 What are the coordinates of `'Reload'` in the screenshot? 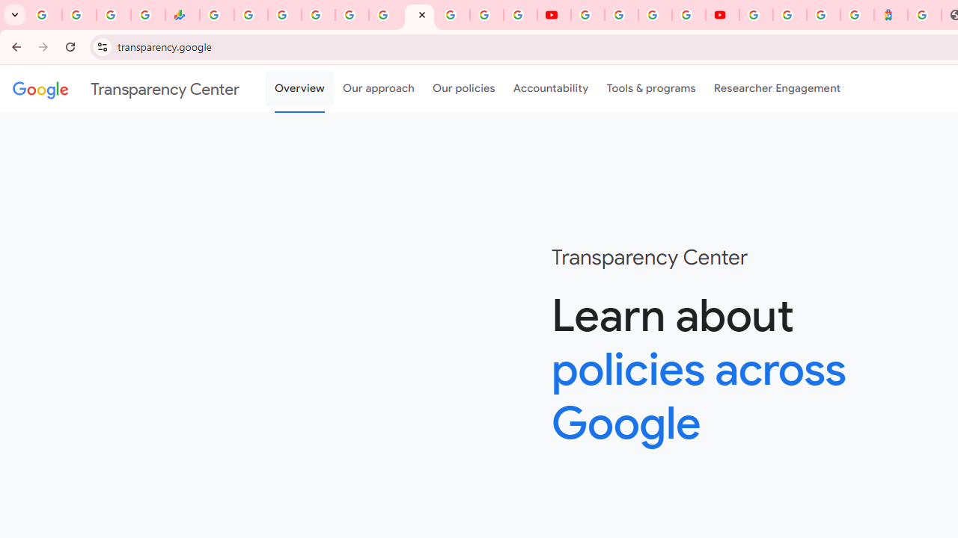 It's located at (70, 46).